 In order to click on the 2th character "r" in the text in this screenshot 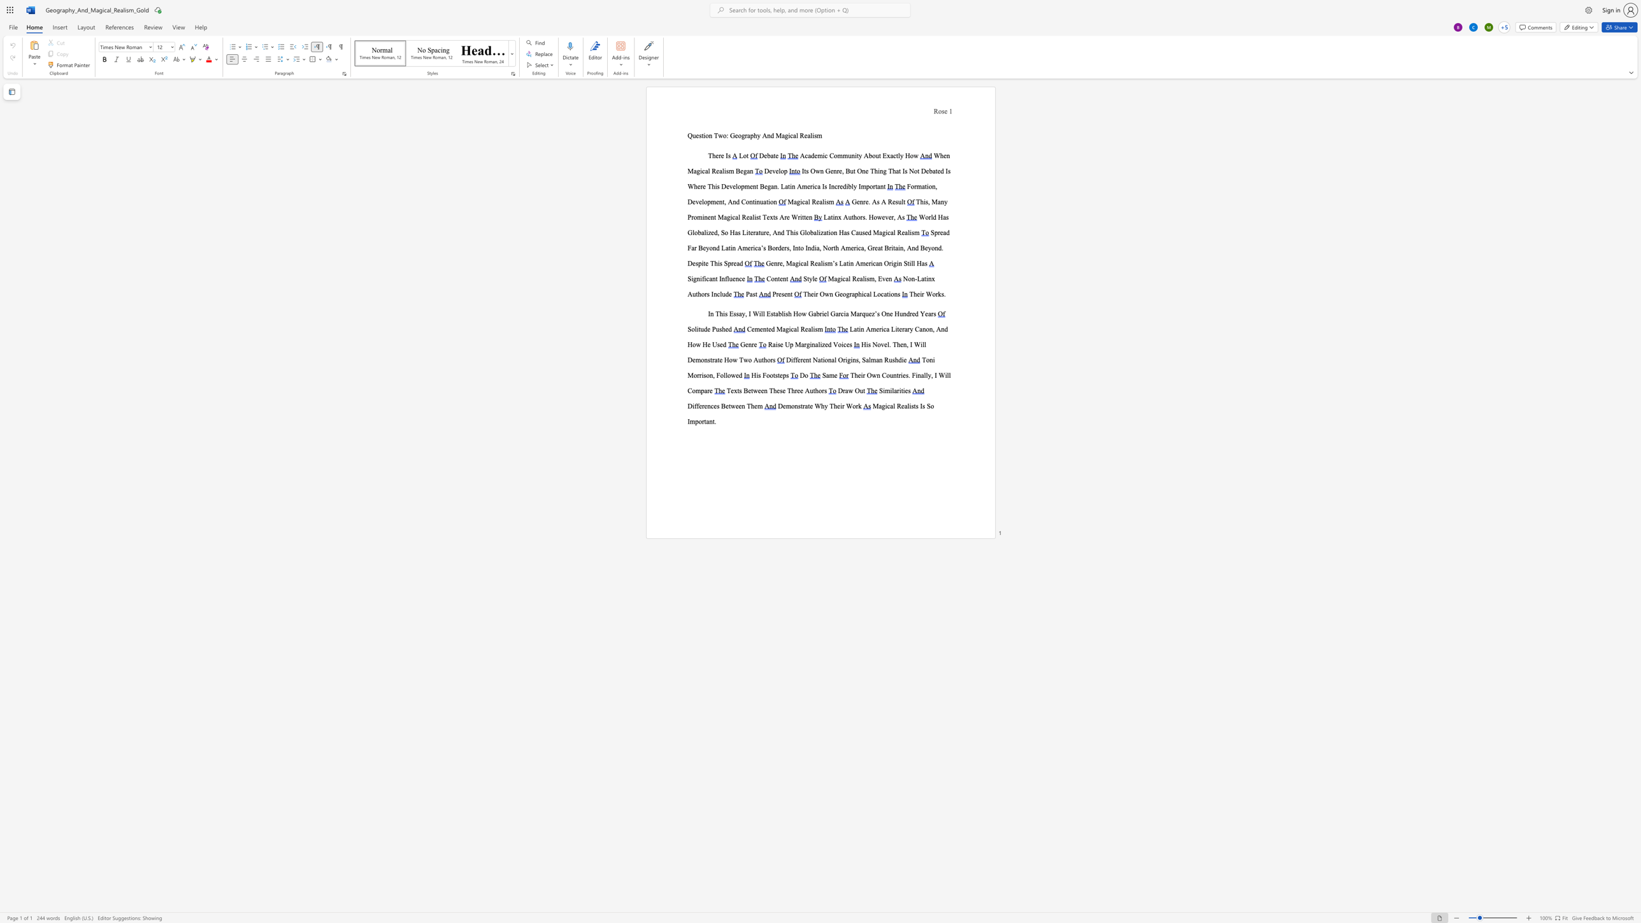, I will do `click(936, 293)`.